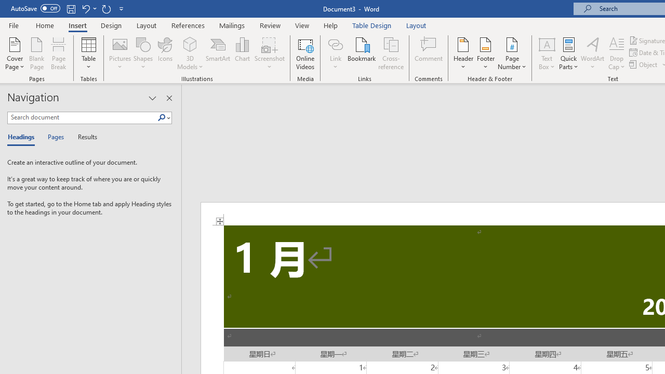 This screenshot has width=665, height=374. I want to click on 'Table Design', so click(372, 25).